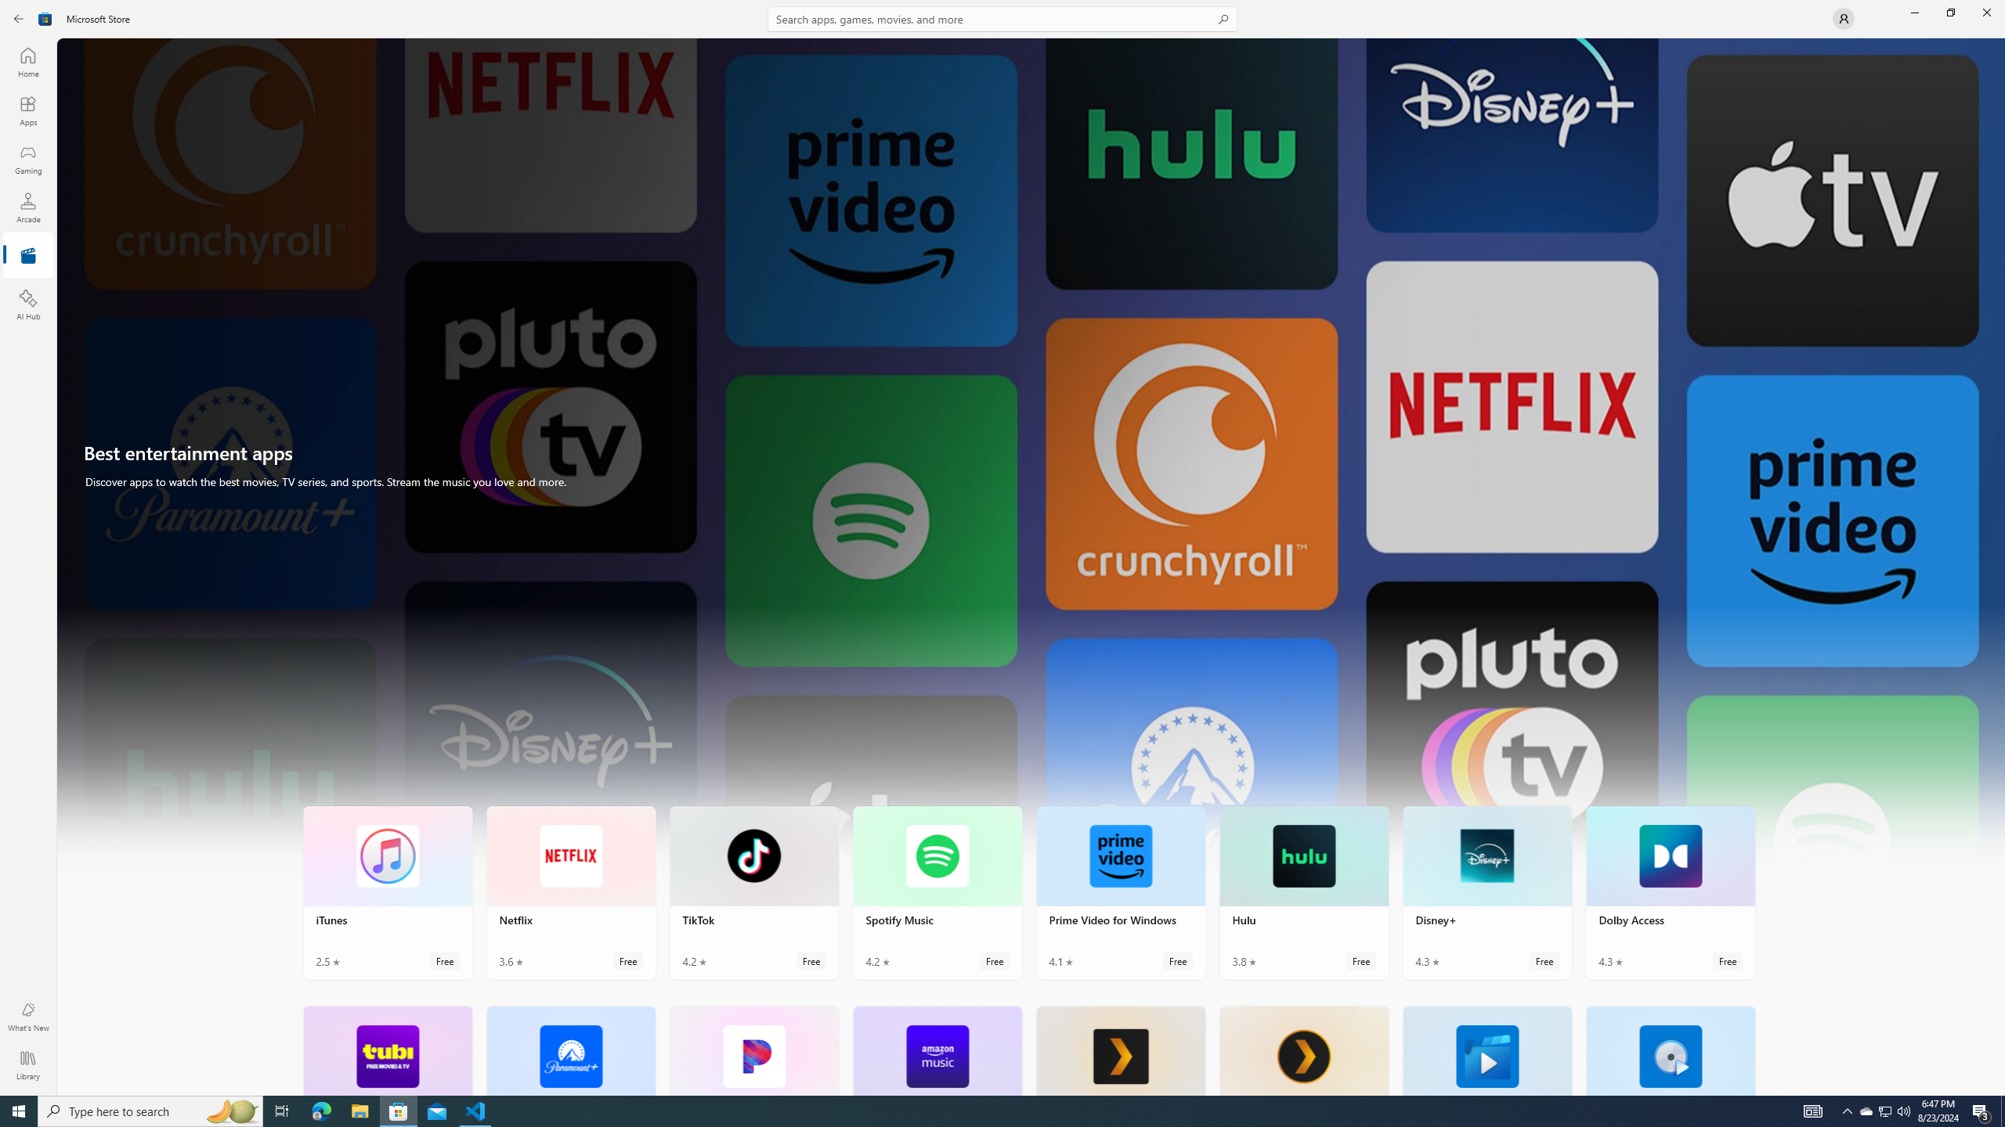 This screenshot has height=1127, width=2005. Describe the element at coordinates (27, 158) in the screenshot. I see `'Gaming'` at that location.